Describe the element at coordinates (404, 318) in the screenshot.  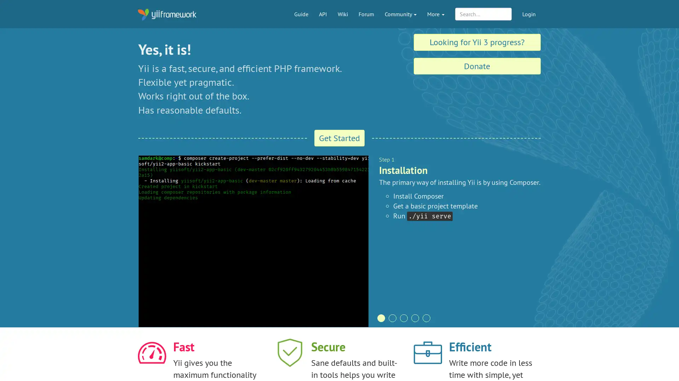
I see `pagination` at that location.